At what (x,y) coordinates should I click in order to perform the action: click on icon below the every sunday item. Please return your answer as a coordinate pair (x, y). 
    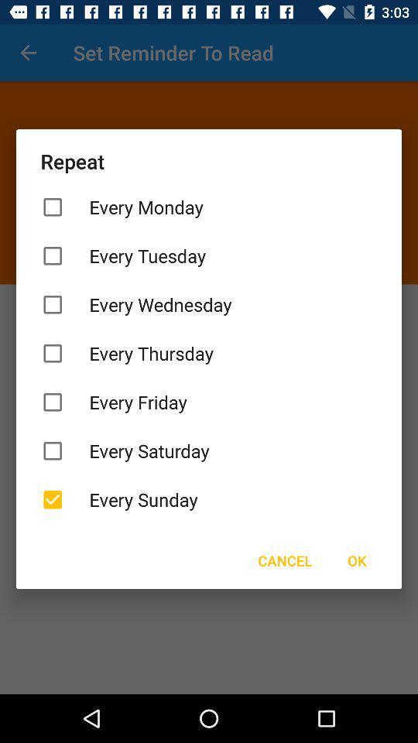
    Looking at the image, I should click on (284, 560).